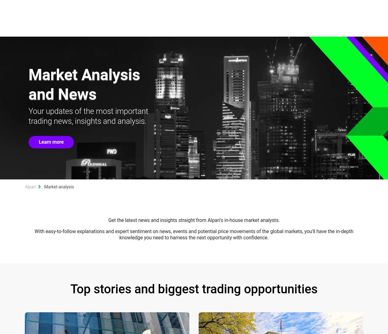  What do you see at coordinates (146, 195) in the screenshot?
I see `'11:48'` at bounding box center [146, 195].